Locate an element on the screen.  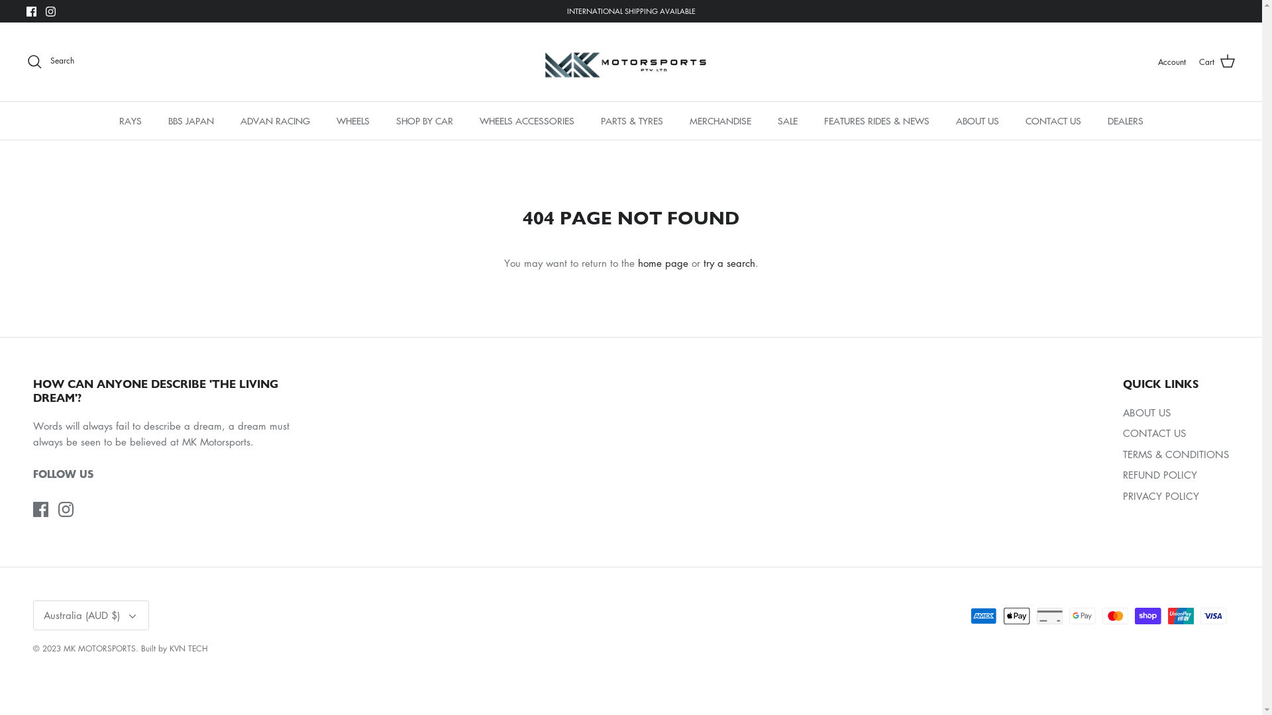
'Built by KVN TECH' is located at coordinates (174, 647).